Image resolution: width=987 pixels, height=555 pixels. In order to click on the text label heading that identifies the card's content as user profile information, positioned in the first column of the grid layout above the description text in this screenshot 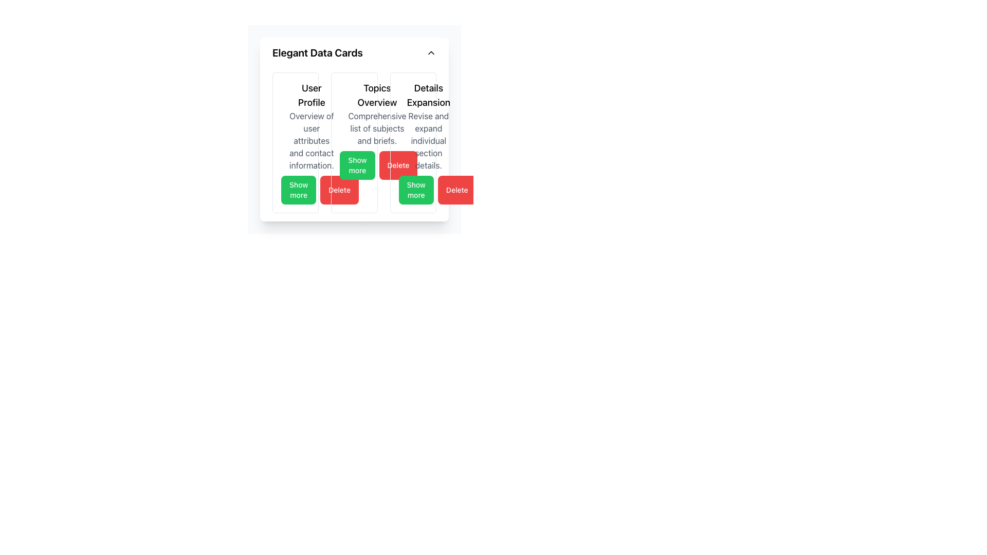, I will do `click(311, 95)`.